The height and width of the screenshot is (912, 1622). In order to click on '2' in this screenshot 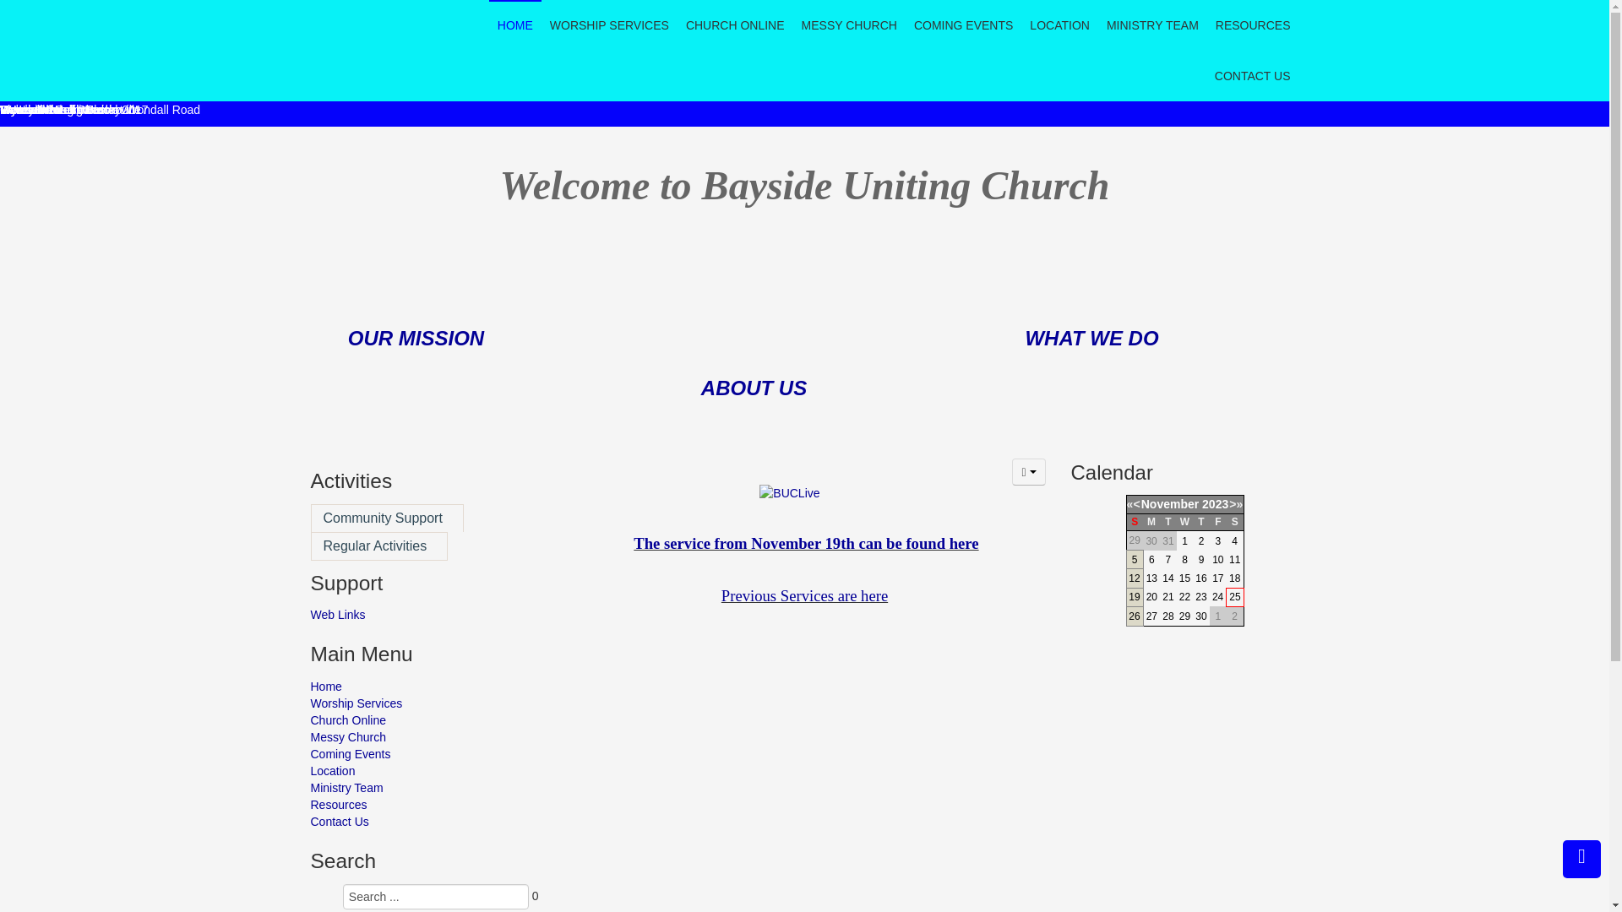, I will do `click(1198, 540)`.